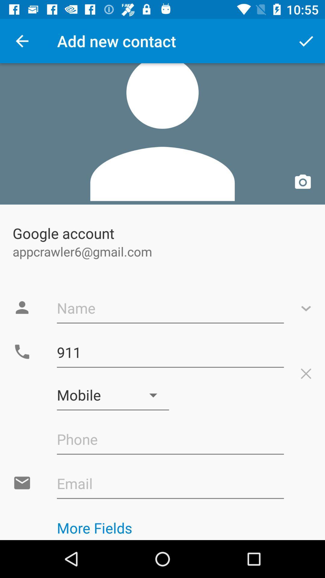 The image size is (325, 578). I want to click on mobile field, so click(113, 395).